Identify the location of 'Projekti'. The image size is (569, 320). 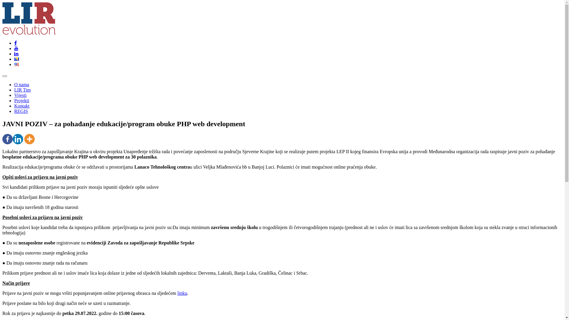
(22, 100).